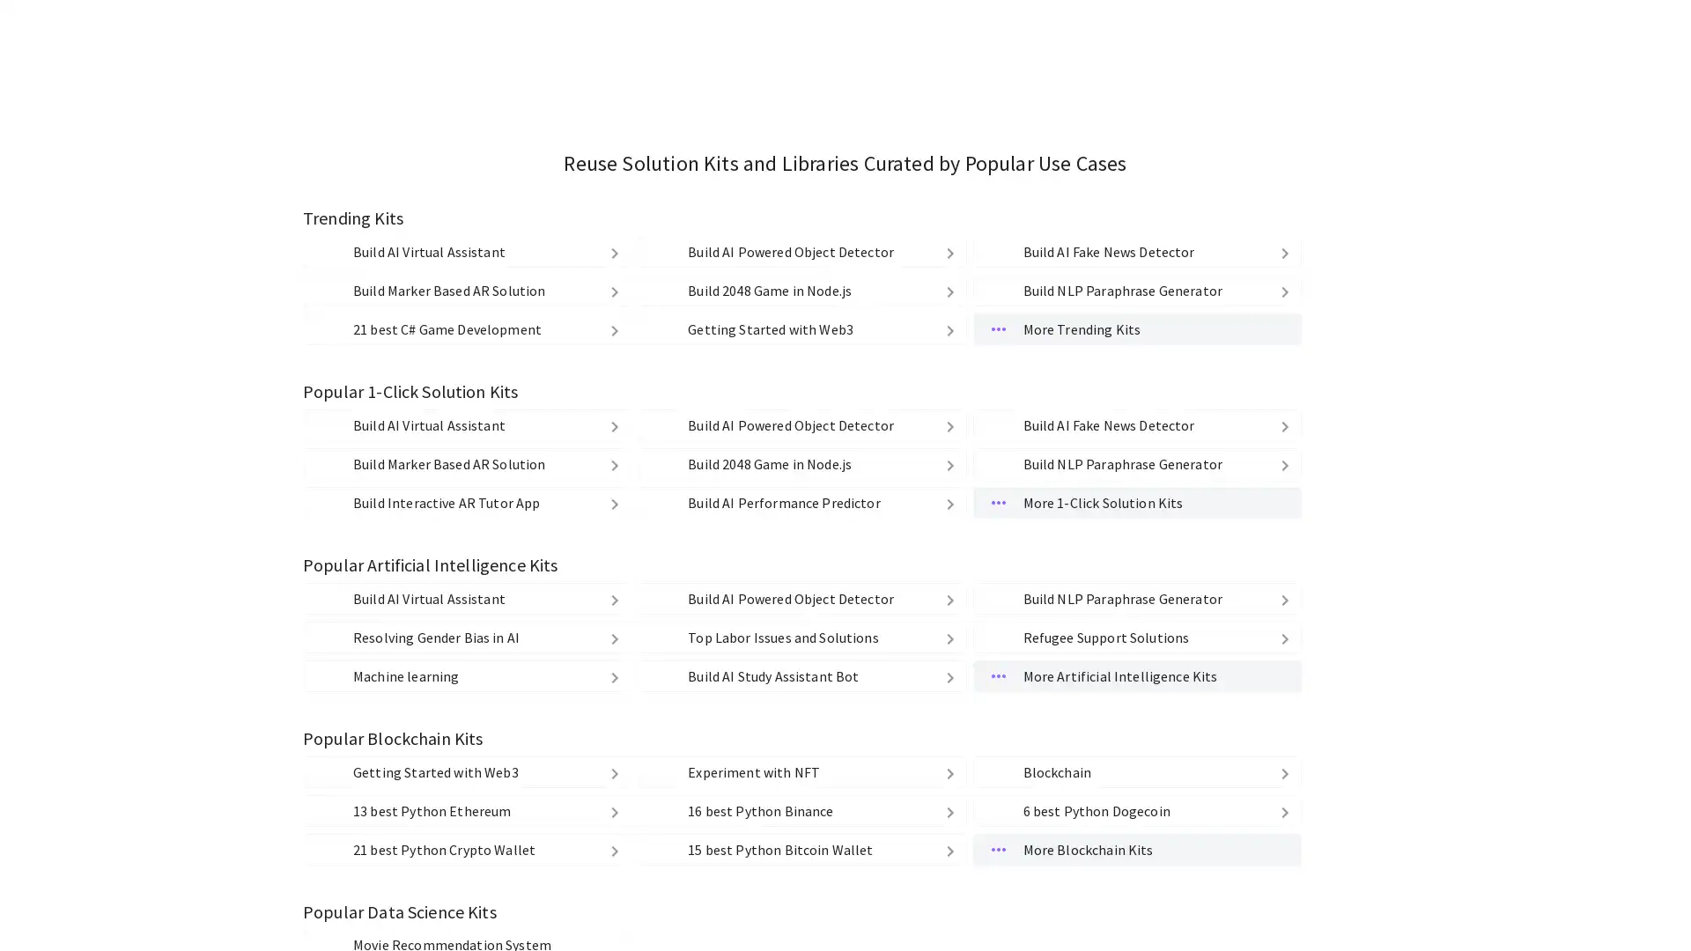 This screenshot has height=951, width=1691. What do you see at coordinates (521, 441) in the screenshot?
I see `JavaScript JavaScript` at bounding box center [521, 441].